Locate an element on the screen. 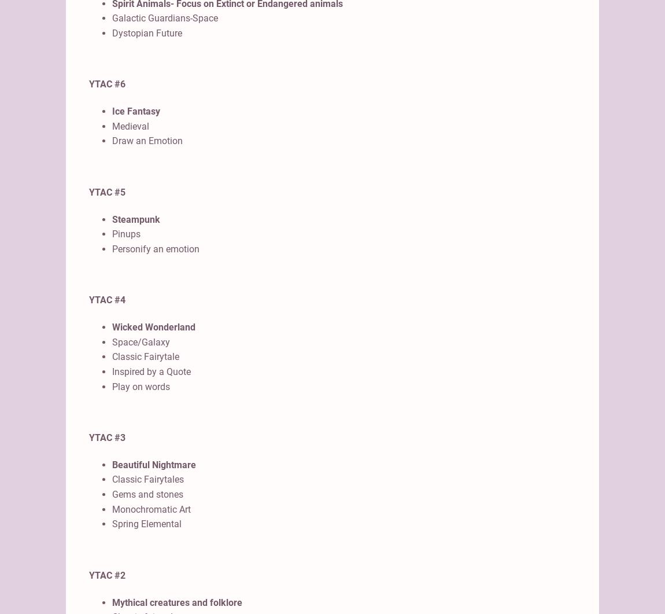  'Personify an emotion' is located at coordinates (112, 248).